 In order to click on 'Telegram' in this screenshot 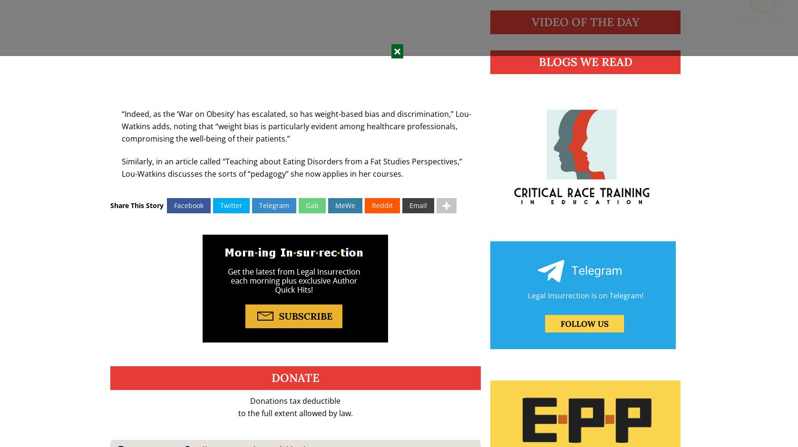, I will do `click(273, 205)`.